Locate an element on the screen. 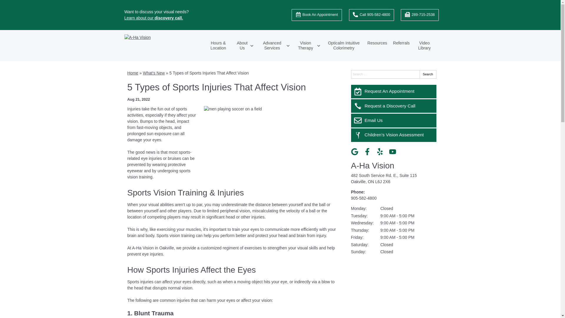  'Vision Therapy' is located at coordinates (308, 45).